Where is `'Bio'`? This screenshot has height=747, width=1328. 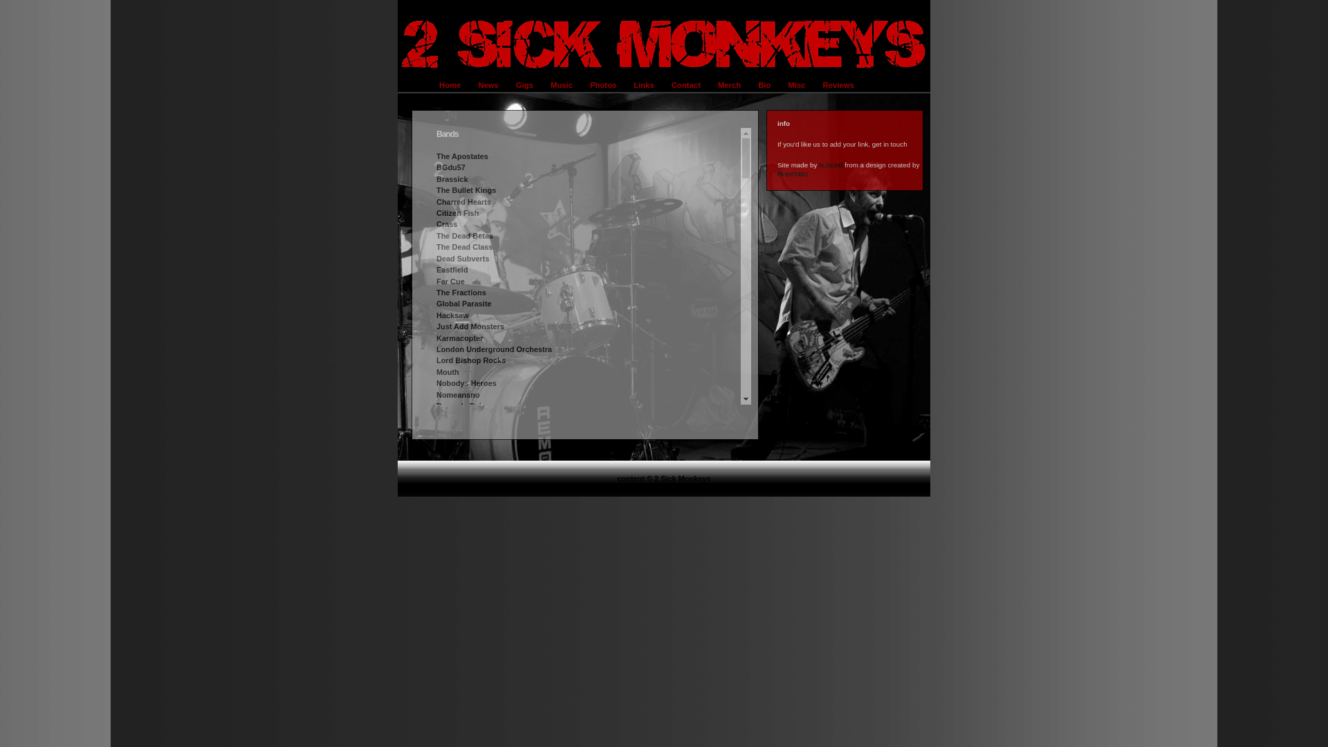
'Bio' is located at coordinates (765, 84).